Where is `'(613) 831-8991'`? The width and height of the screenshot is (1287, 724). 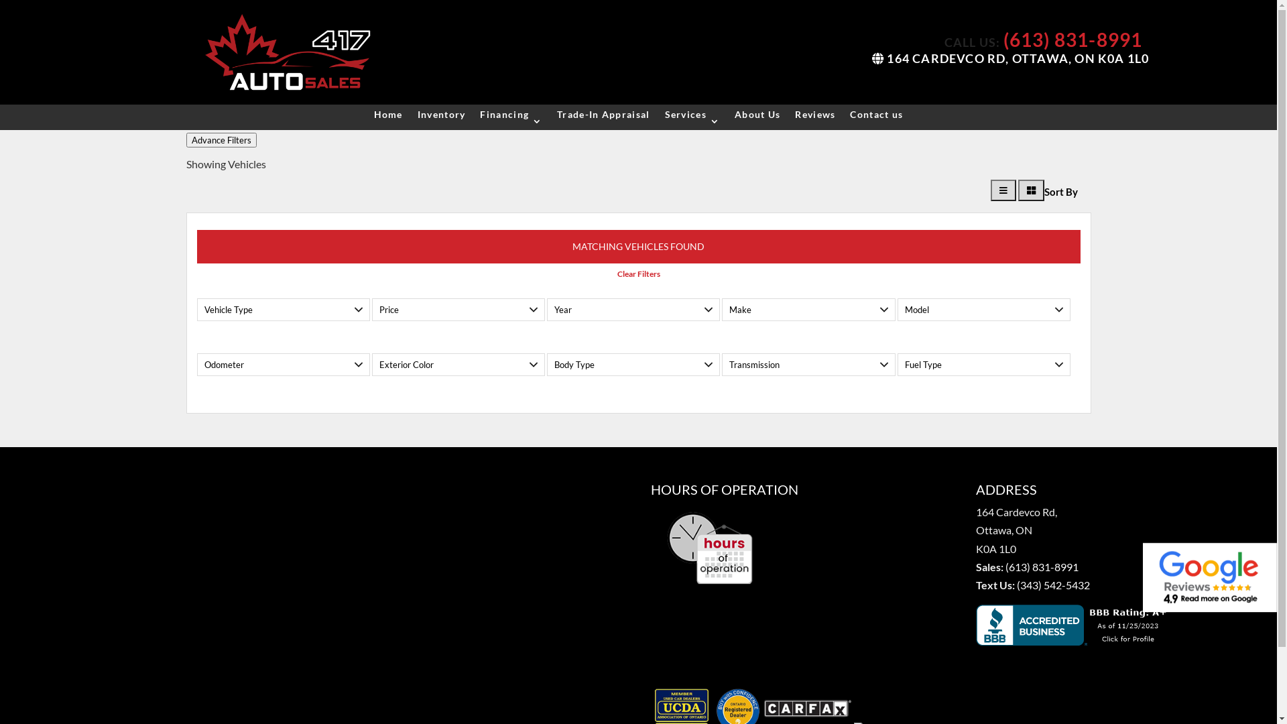
'(613) 831-8991' is located at coordinates (1073, 38).